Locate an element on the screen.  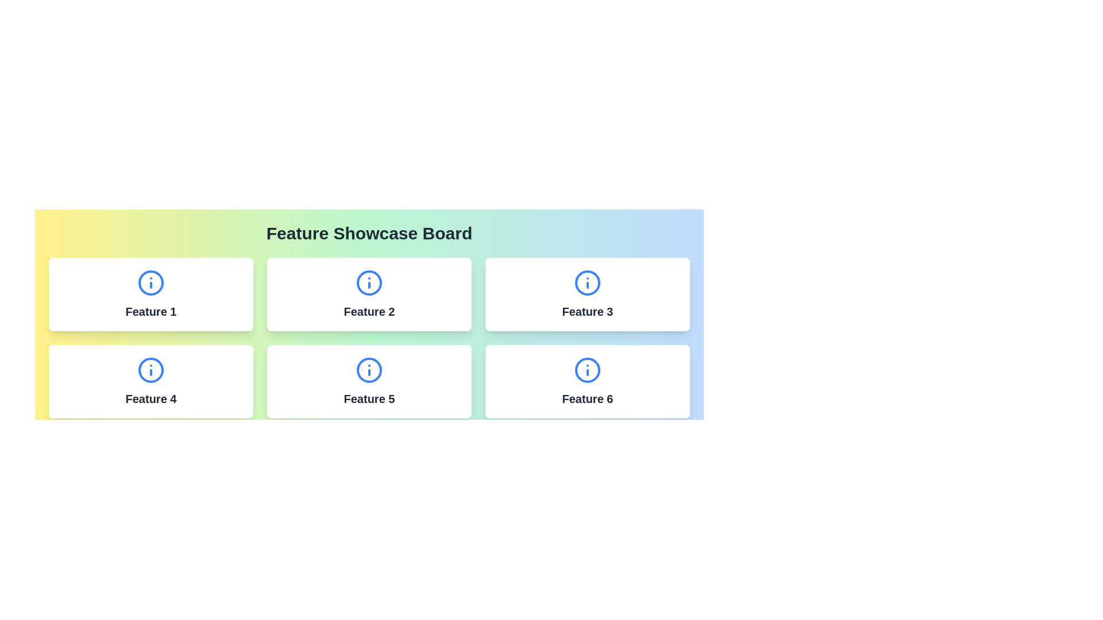
the third card in the top row displaying a blue circled 'i' icon and bold text 'Feature 3' is located at coordinates (587, 294).